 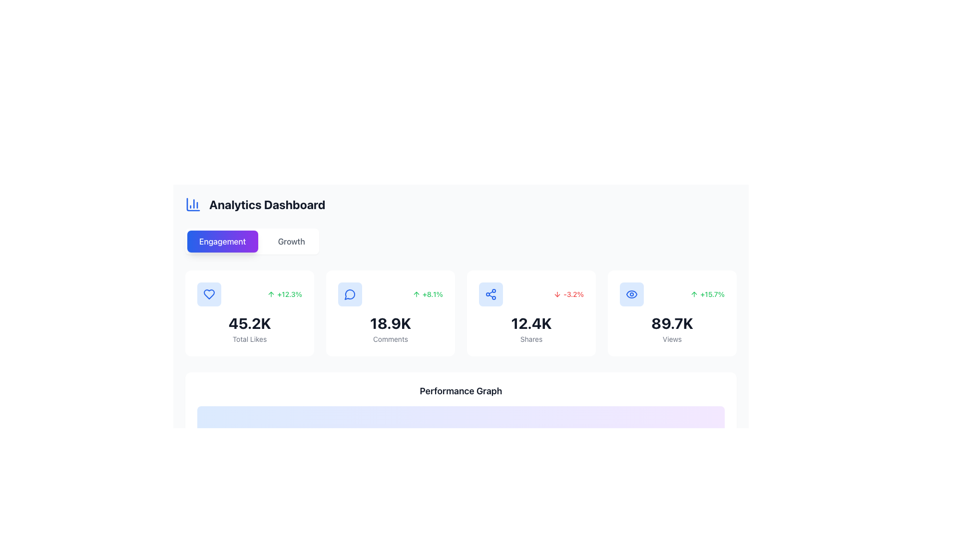 I want to click on the header text displaying 'Analytics Dashboard', which is centrally located at the top of the interface, styled in bold and dark gray for emphasis, so click(x=267, y=204).